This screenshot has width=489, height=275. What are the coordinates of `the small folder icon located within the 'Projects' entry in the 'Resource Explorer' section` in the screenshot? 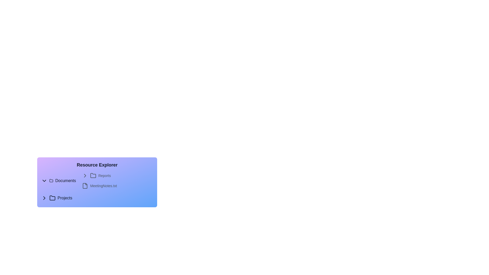 It's located at (52, 198).